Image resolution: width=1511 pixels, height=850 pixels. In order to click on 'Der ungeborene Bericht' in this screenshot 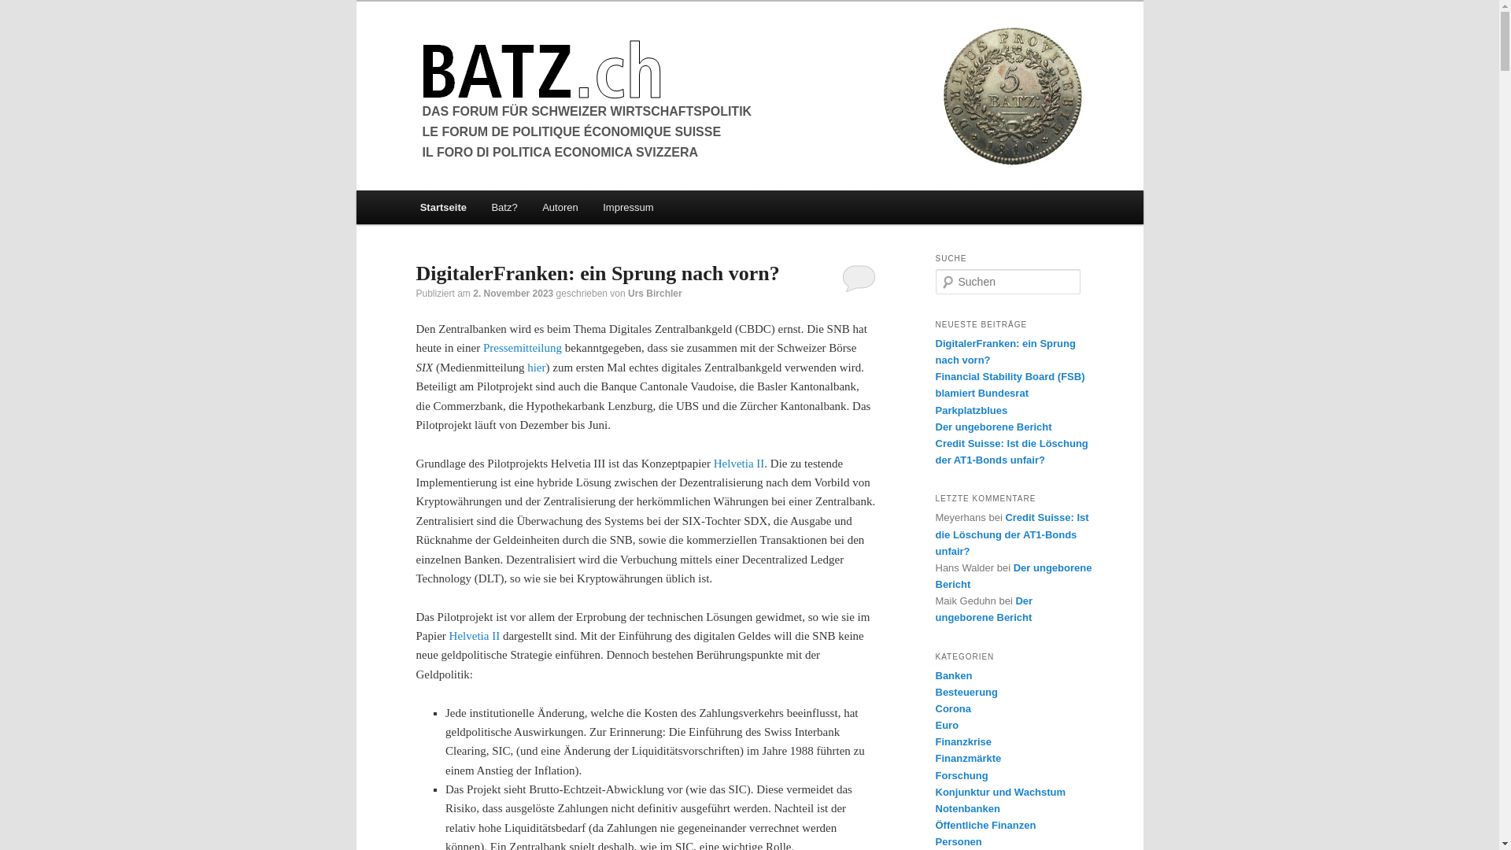, I will do `click(1013, 576)`.